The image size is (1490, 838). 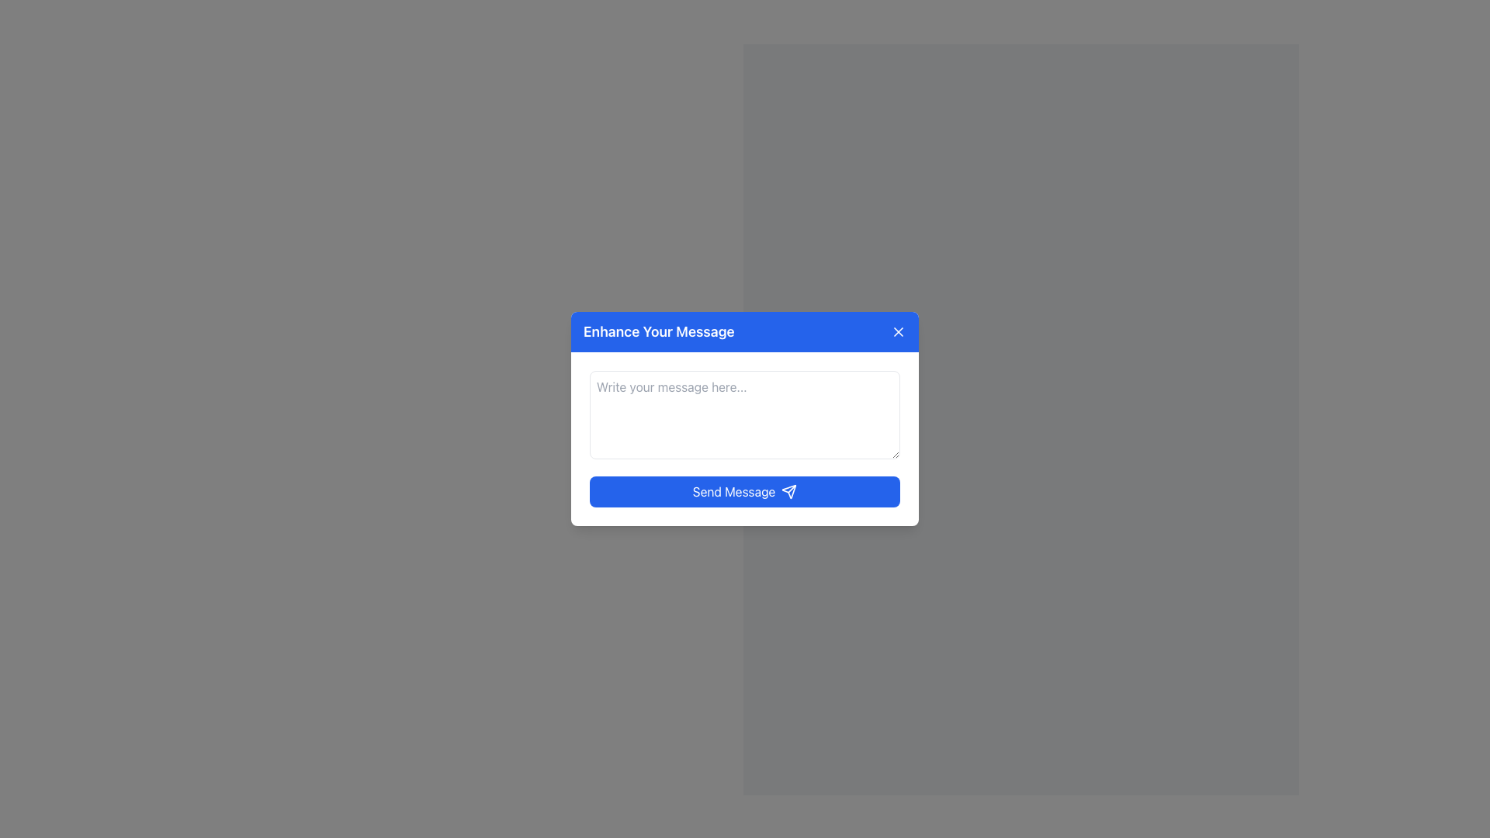 I want to click on the small red 'X' icon button located at the top-right corner of the blue header section of the popup window titled 'Enhance Your Message' via tab navigation, so click(x=898, y=331).